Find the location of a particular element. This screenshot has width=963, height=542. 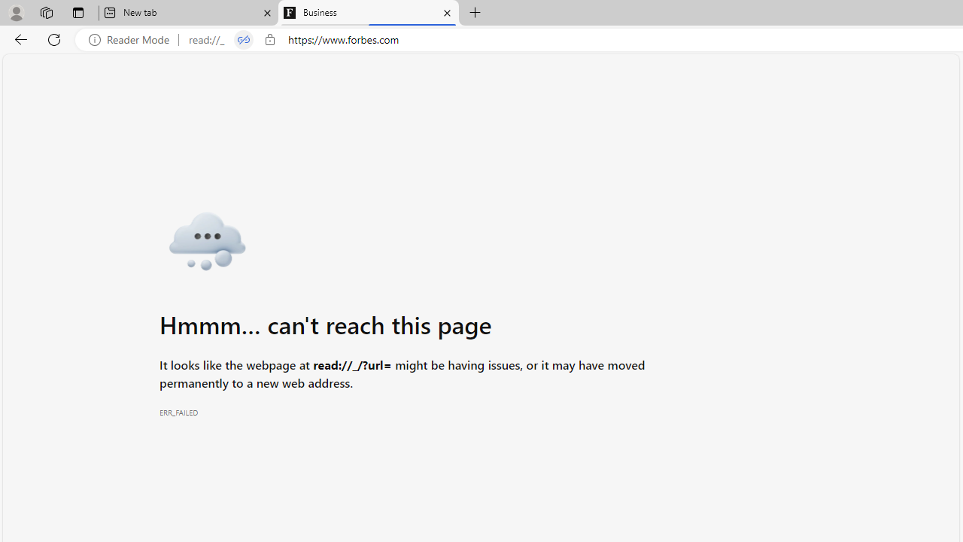

'Reader Mode' is located at coordinates (133, 39).